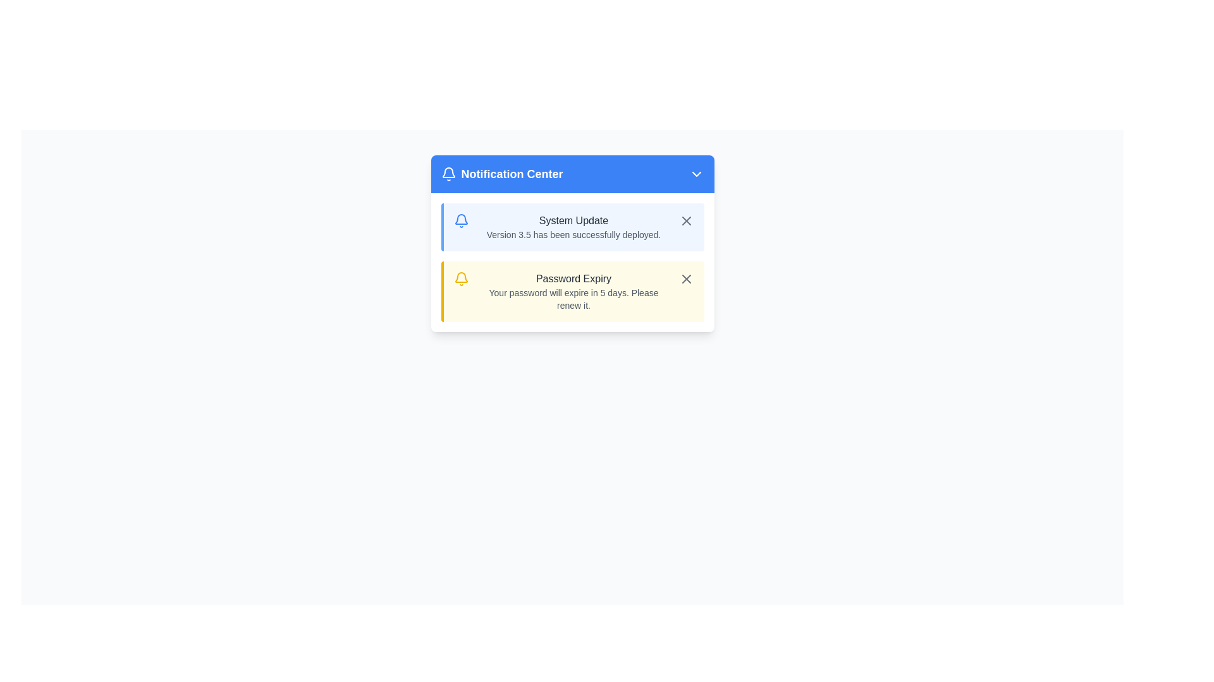  What do you see at coordinates (573, 220) in the screenshot?
I see `the static text element displaying 'System Update' located at the top of the notification panel` at bounding box center [573, 220].